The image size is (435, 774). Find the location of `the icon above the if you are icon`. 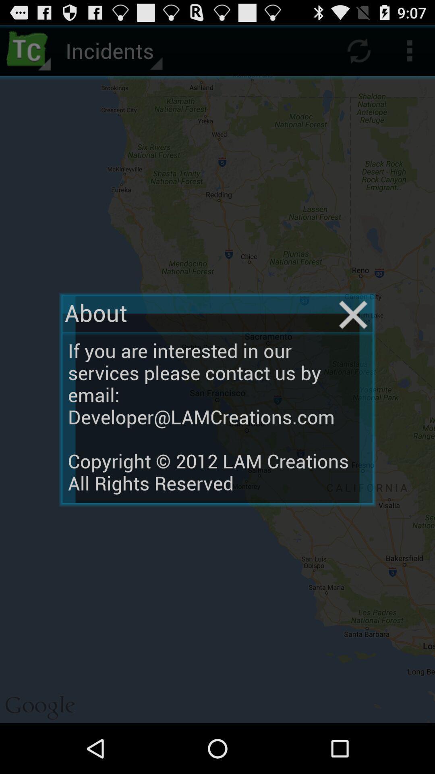

the icon above the if you are icon is located at coordinates (353, 314).